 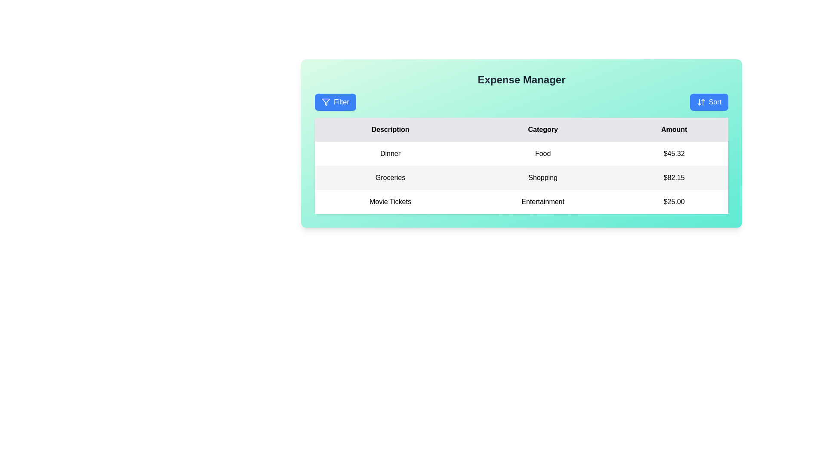 I want to click on the text label displaying 'Description' in the table header, which is styled with a bold font on a gray background, so click(x=390, y=129).